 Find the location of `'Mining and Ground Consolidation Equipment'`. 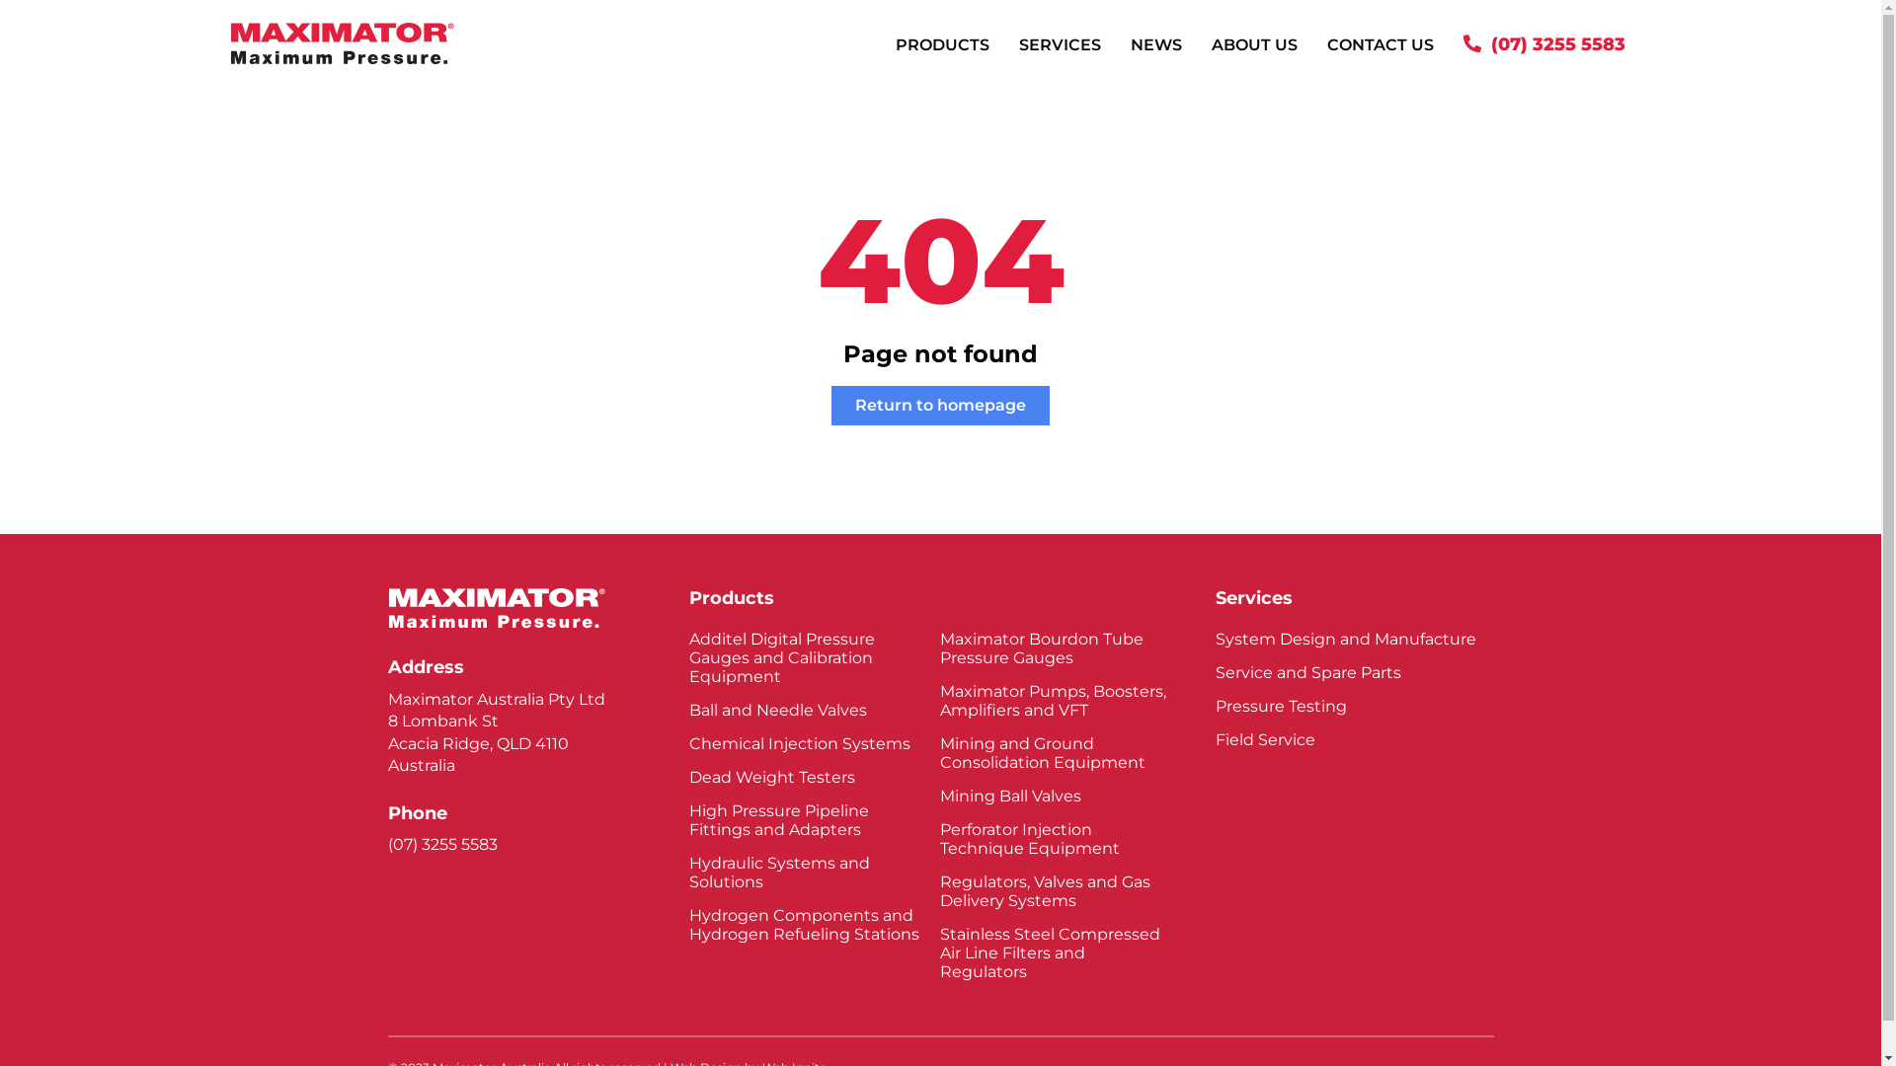

'Mining and Ground Consolidation Equipment' is located at coordinates (1057, 753).